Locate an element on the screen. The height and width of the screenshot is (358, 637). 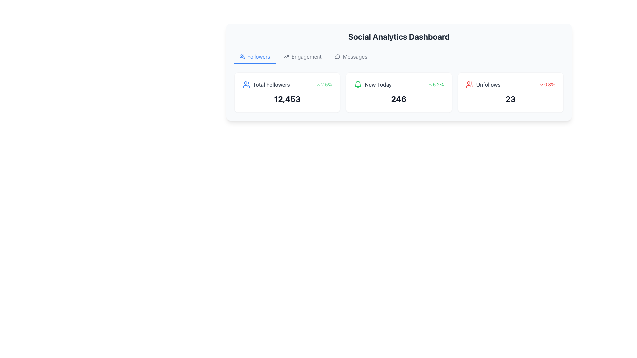
the 'Messages' navigation tab, which features a speech bubble icon and changes color on hover is located at coordinates (351, 57).